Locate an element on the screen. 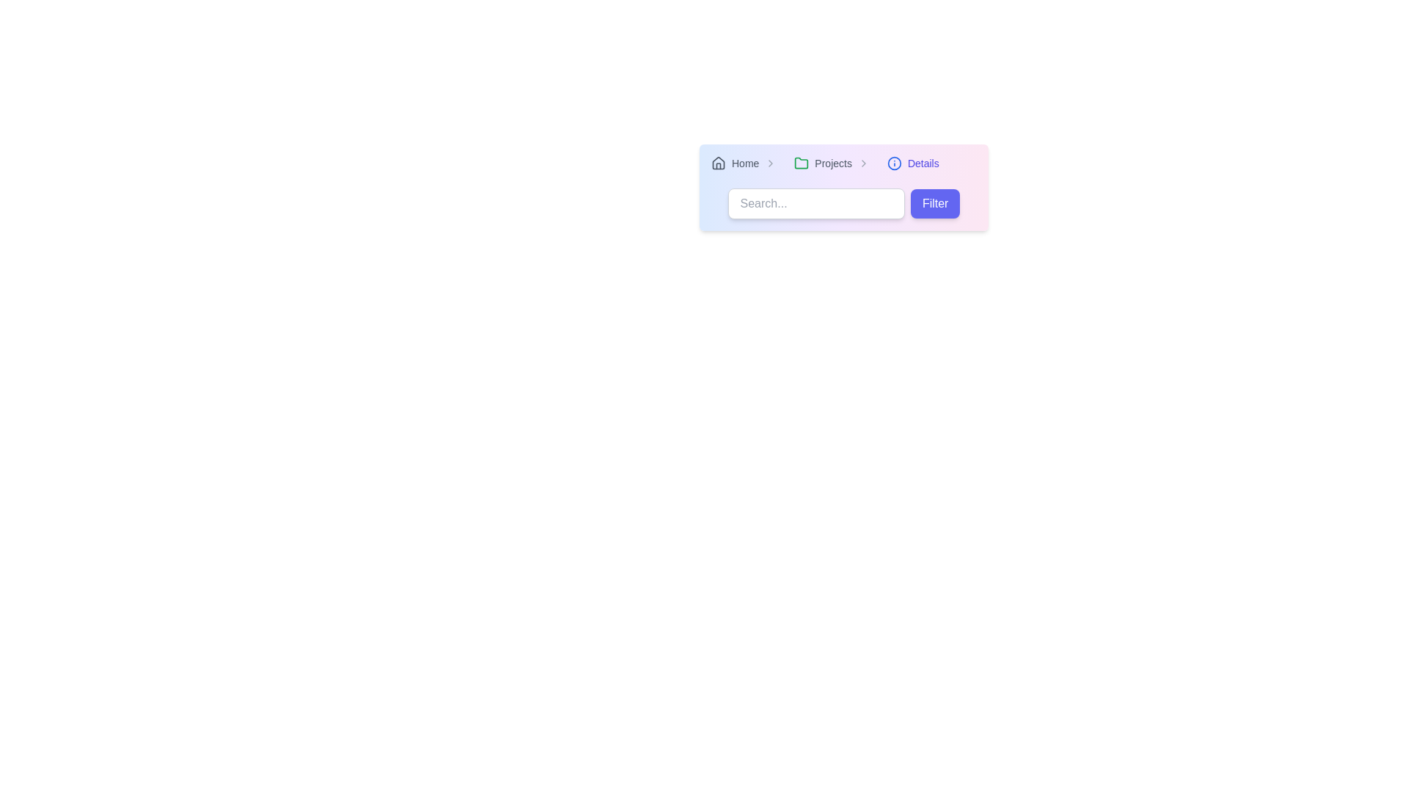  the first breadcrumb navigation link is located at coordinates (747, 164).